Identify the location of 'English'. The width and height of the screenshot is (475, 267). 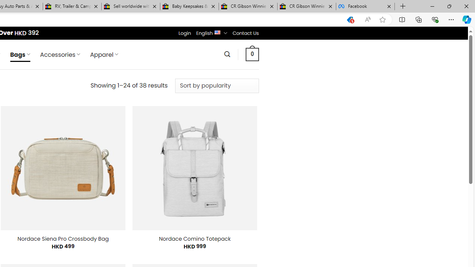
(217, 32).